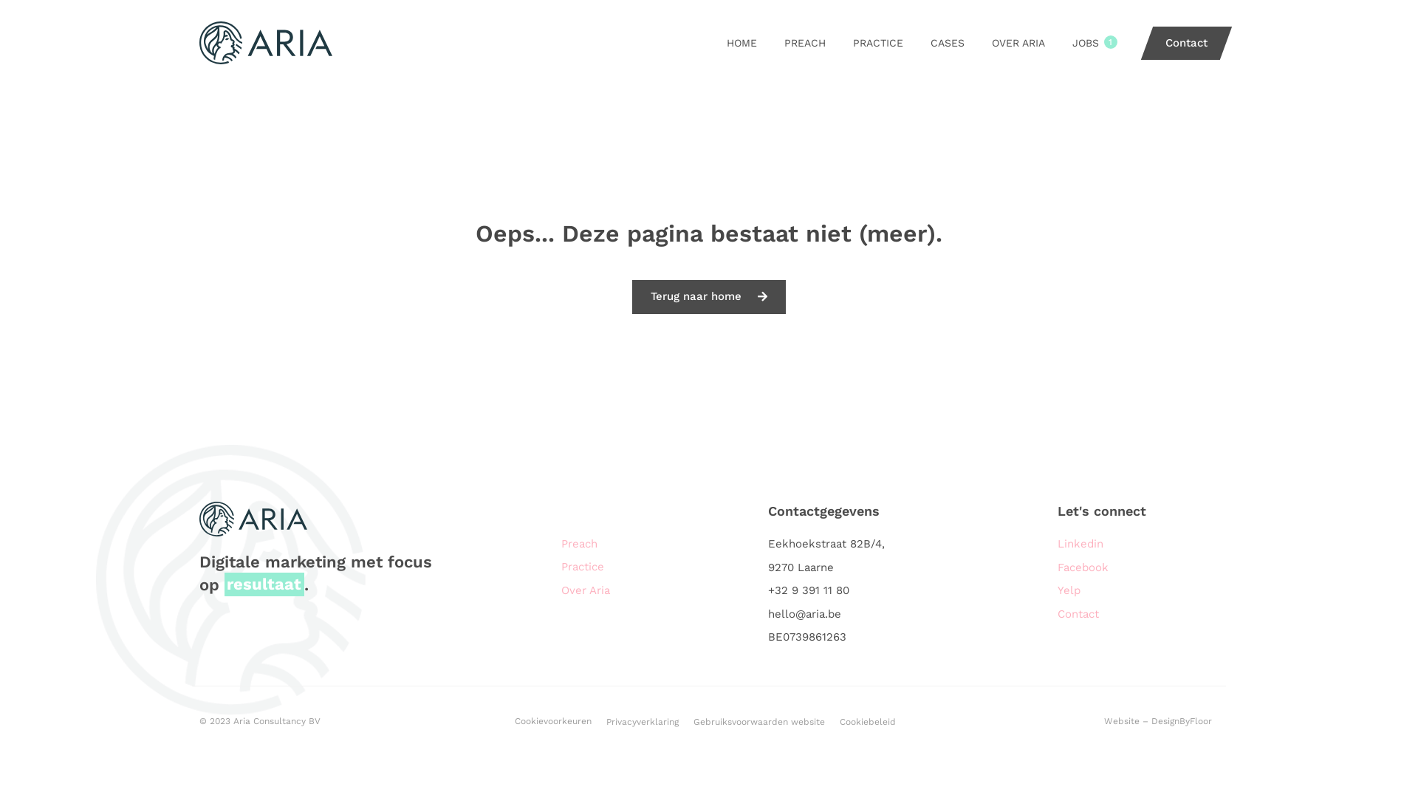 This screenshot has height=798, width=1418. I want to click on 'Gebruiksvoorwaarden website', so click(693, 720).